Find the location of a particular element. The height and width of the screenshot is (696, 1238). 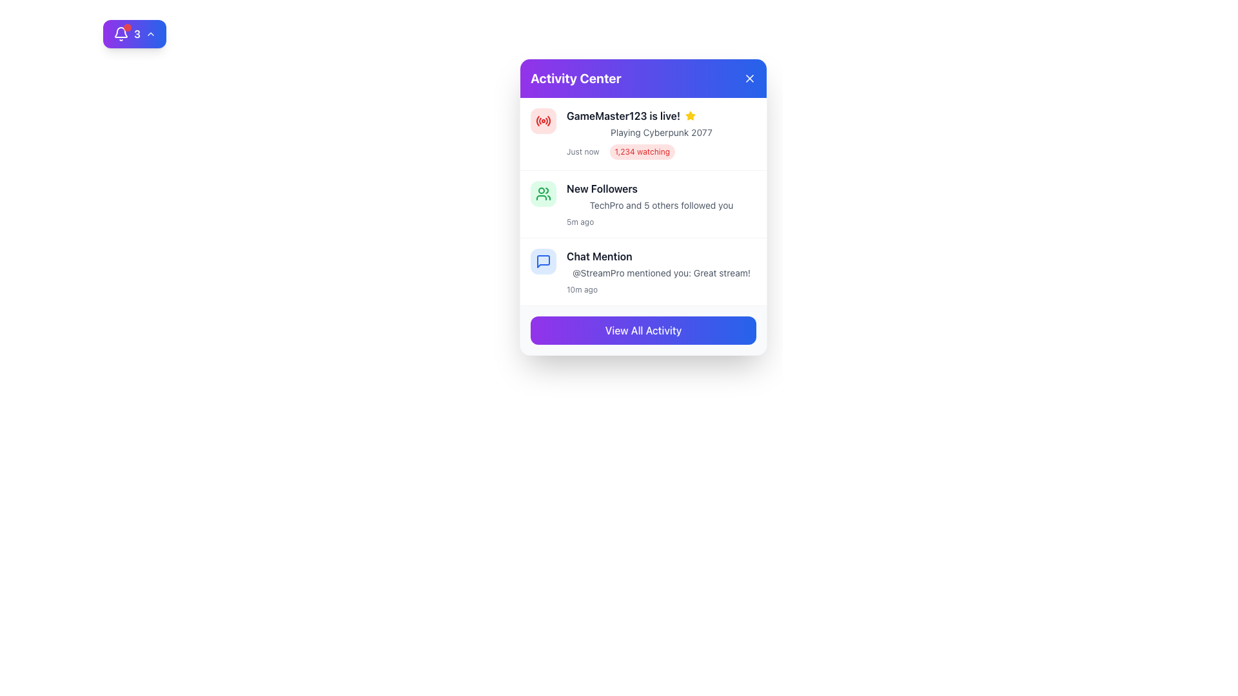

the chat notification icon located in the 'Activity Center' panel, which is visually represented as a chat or message notification icon. This icon is positioned immediately to the left of the text '@StreamPro mentioned you: Great stream!' and above the timestamp '10m ago' is located at coordinates (544, 261).